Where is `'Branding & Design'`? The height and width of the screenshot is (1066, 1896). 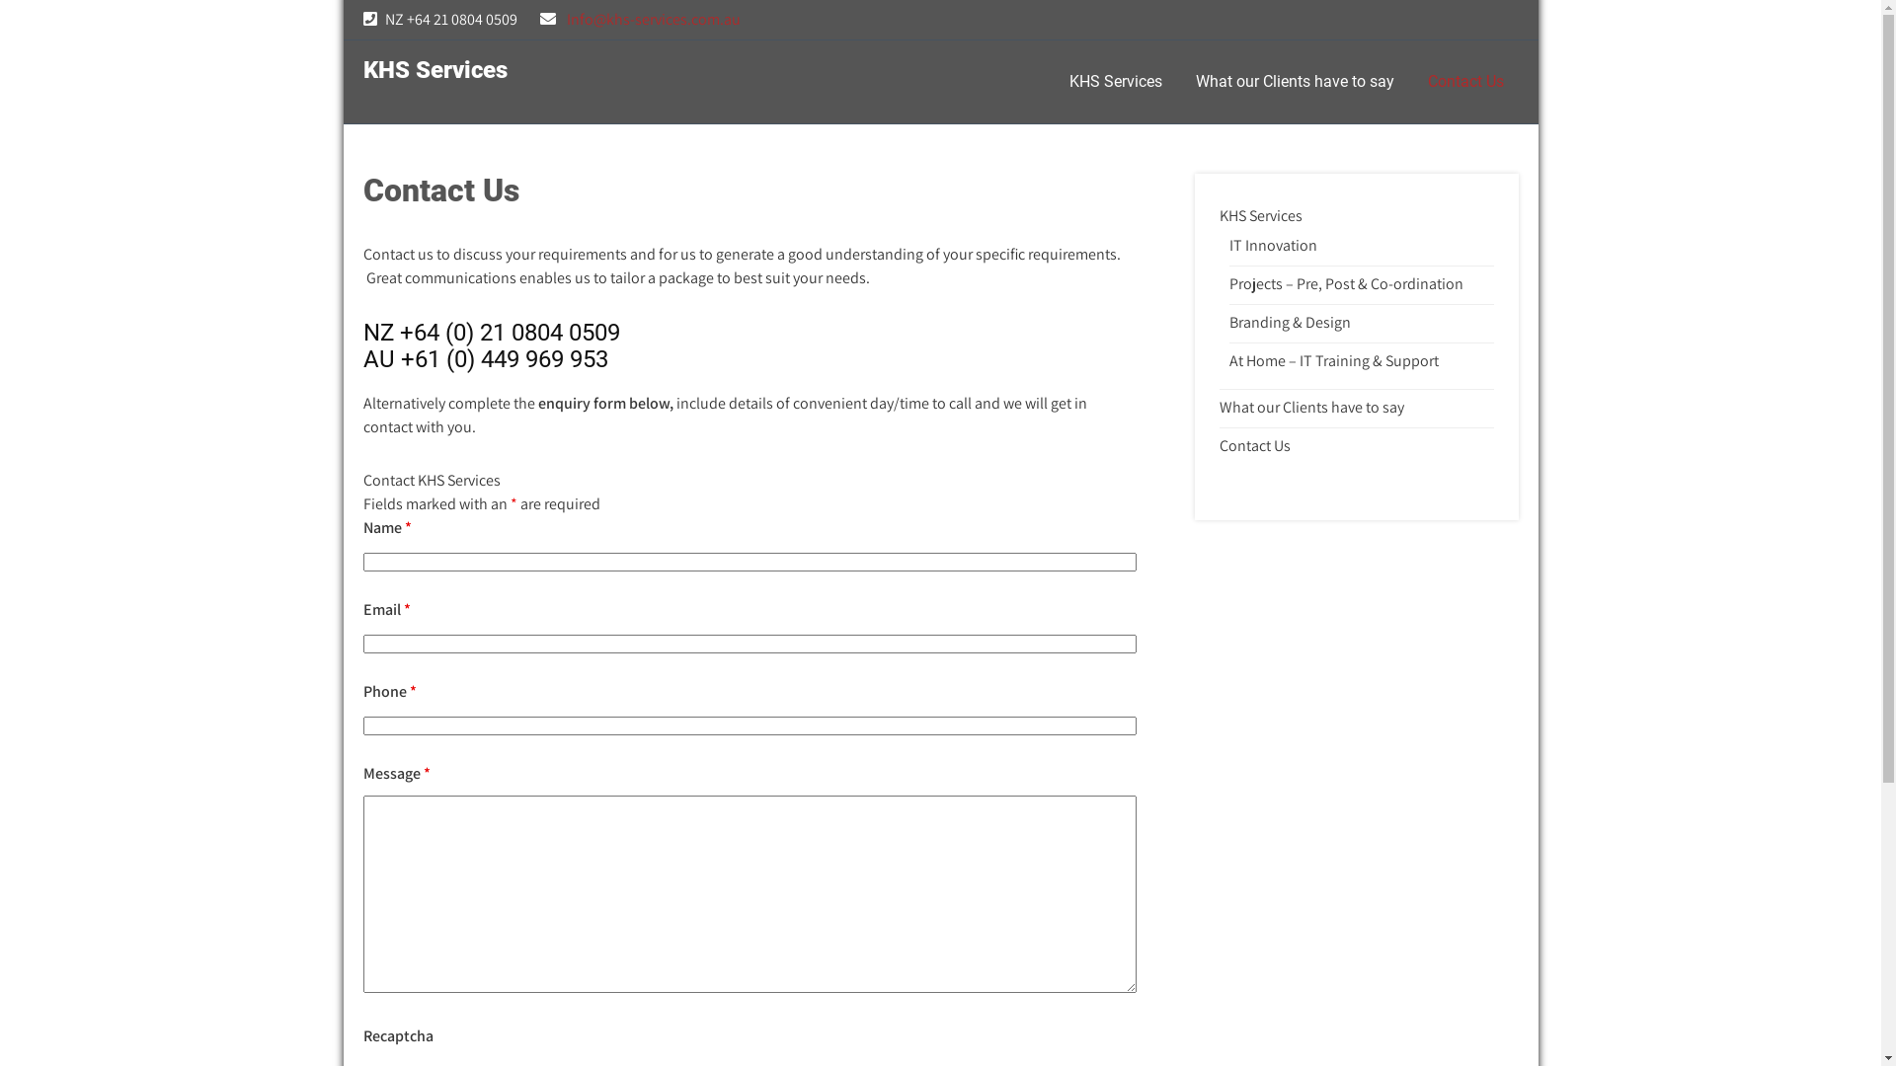 'Branding & Design' is located at coordinates (1290, 322).